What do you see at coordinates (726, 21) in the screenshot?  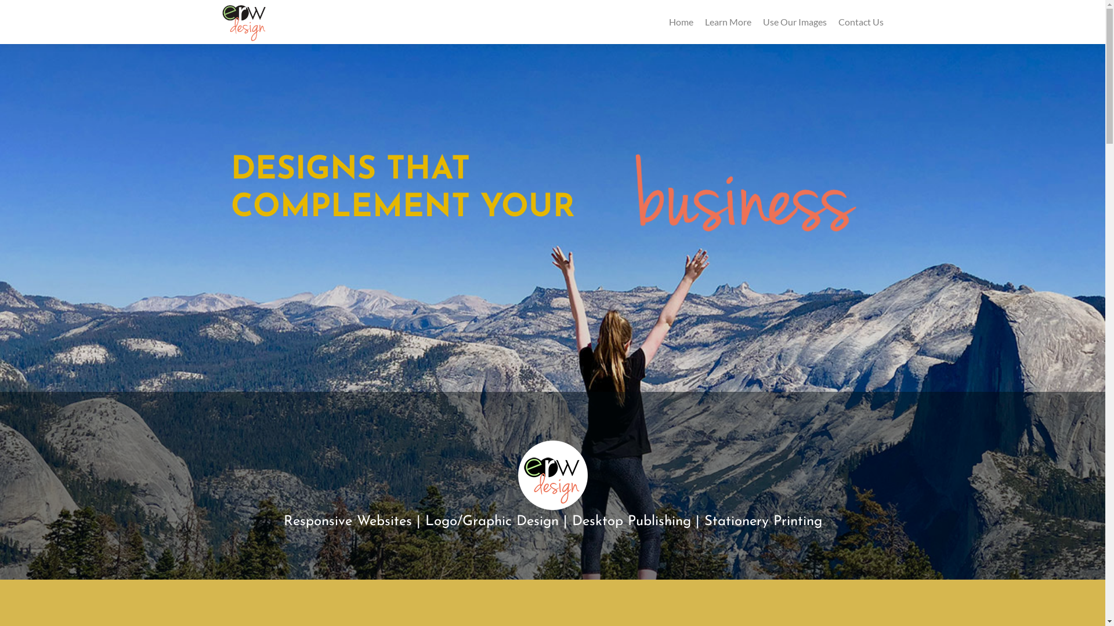 I see `'Learn More'` at bounding box center [726, 21].